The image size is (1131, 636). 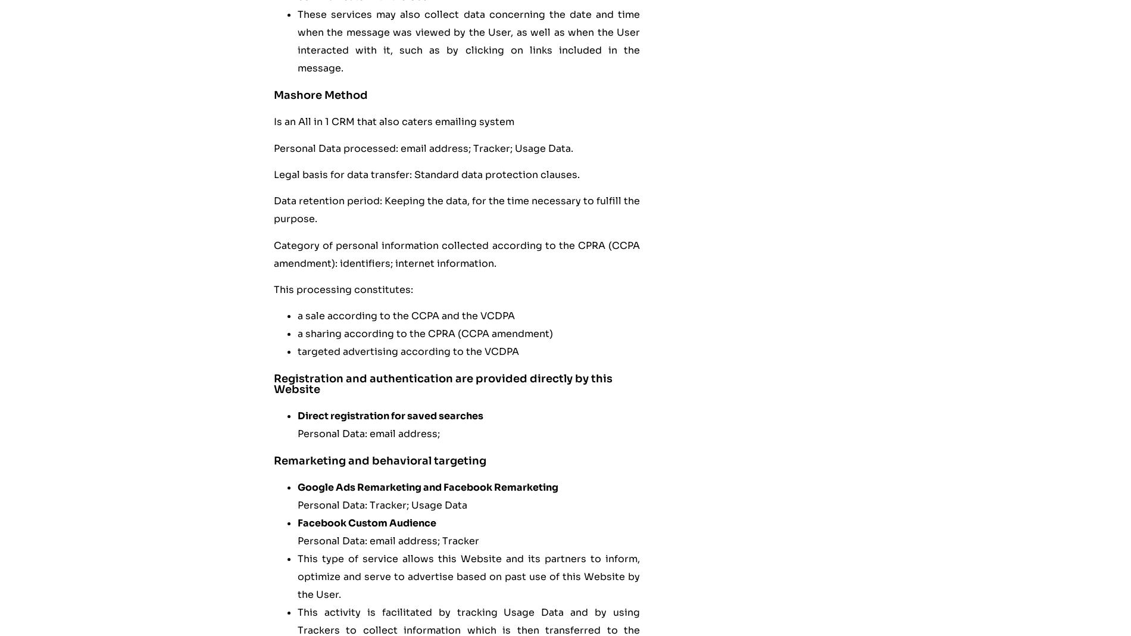 What do you see at coordinates (408, 351) in the screenshot?
I see `'targeted advertising according to the VCDPA'` at bounding box center [408, 351].